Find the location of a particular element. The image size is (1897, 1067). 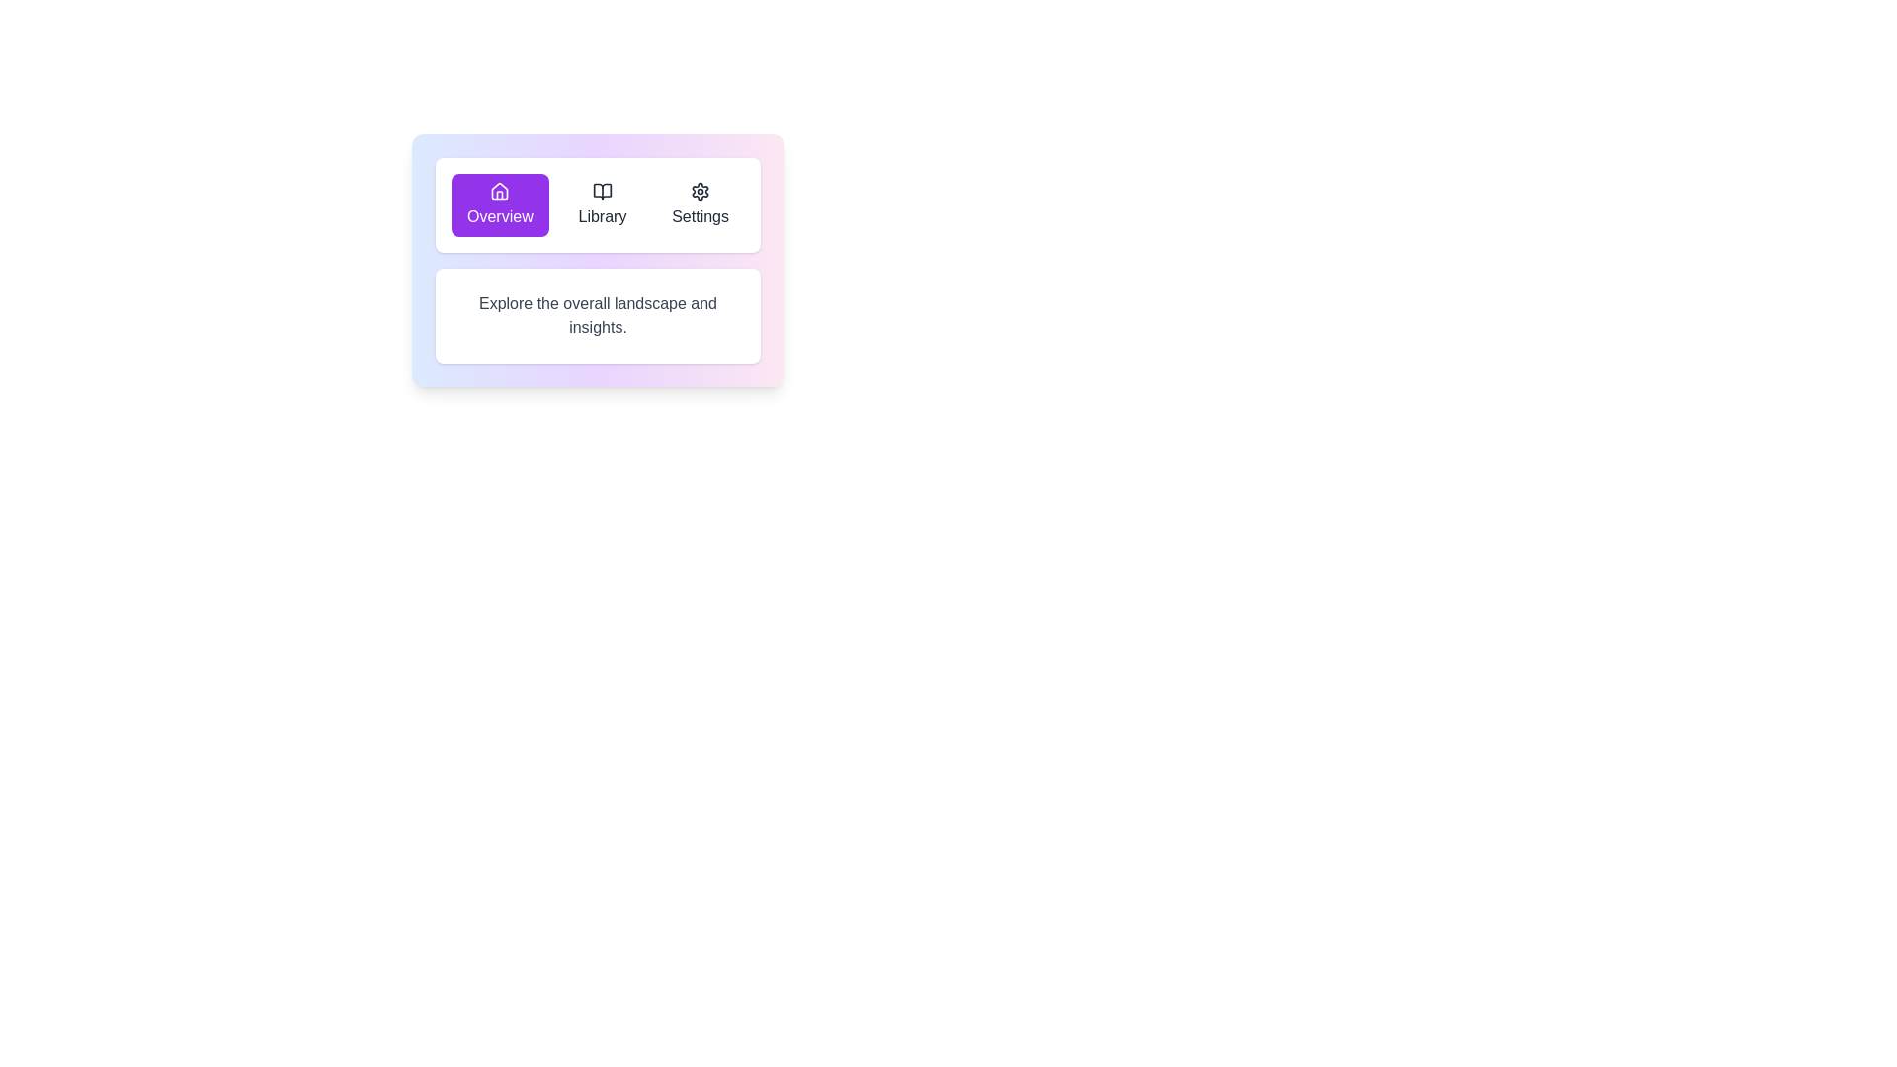

the 'Settings' button, which features a gear icon and is the third button in a horizontal set of buttons is located at coordinates (701, 205).